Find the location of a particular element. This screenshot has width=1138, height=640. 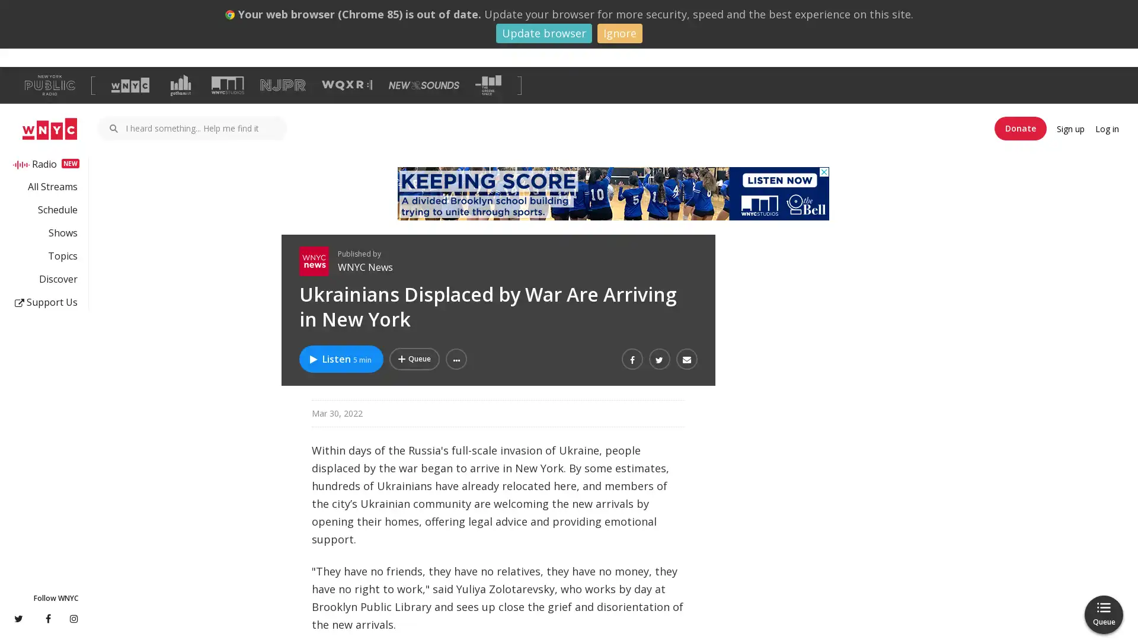

Queue is located at coordinates (1103, 614).